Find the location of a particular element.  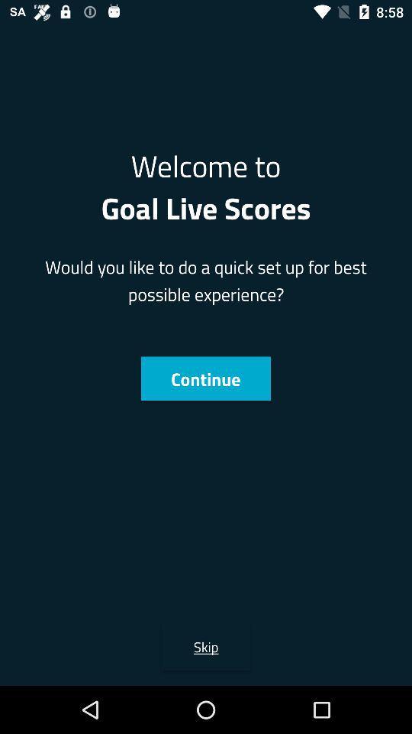

the icon below the continue item is located at coordinates (206, 645).